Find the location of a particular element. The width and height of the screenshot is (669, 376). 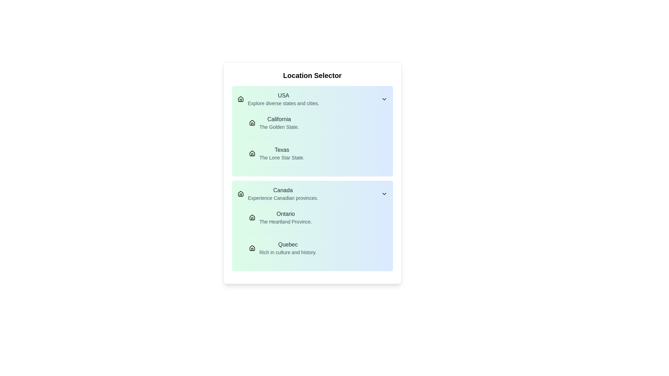

the informational text located below the 'Canada' section and to the right of the house-shaped icon is located at coordinates (283, 198).